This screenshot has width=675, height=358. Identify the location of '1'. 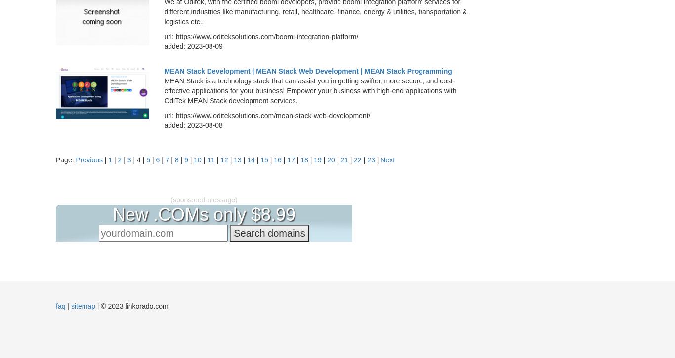
(110, 160).